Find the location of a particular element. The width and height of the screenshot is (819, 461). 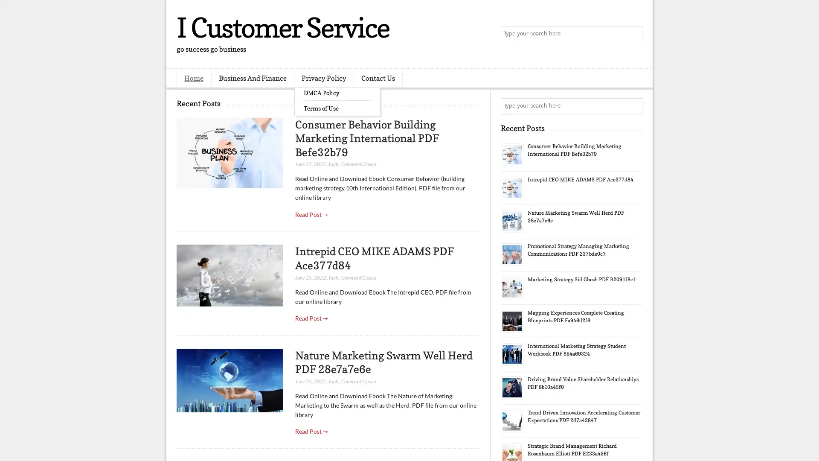

Search is located at coordinates (633, 106).